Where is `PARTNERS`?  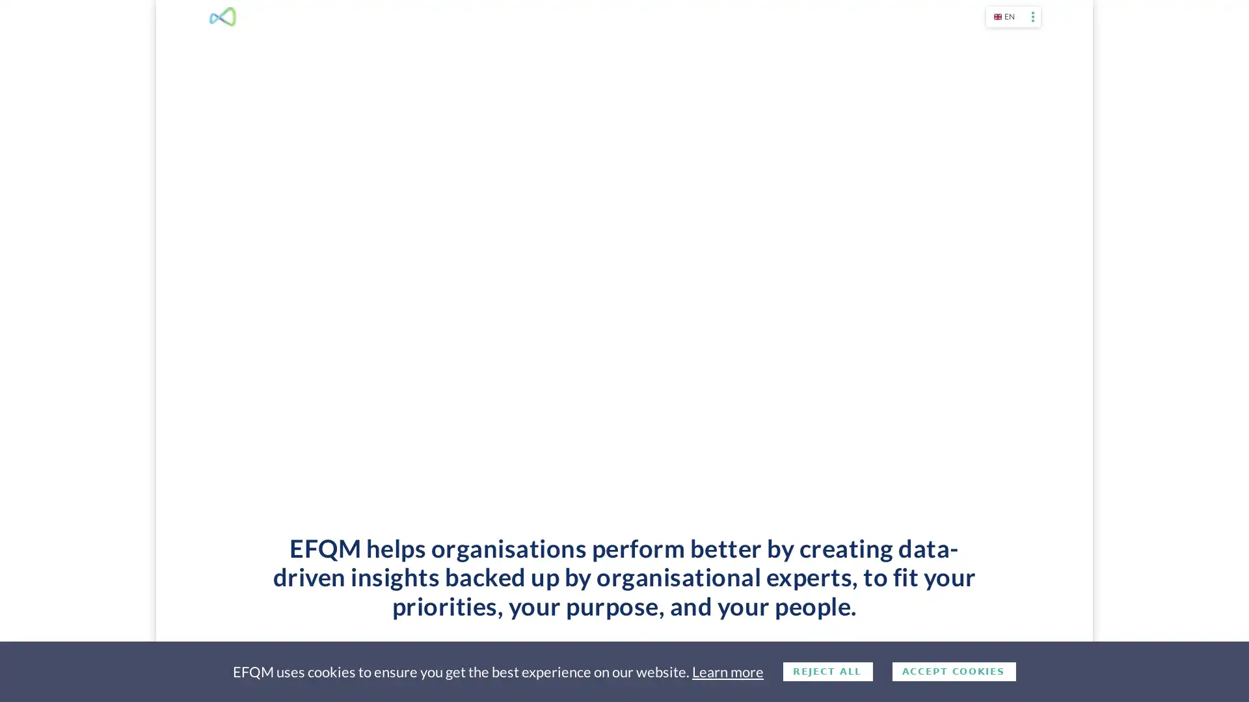 PARTNERS is located at coordinates (928, 45).